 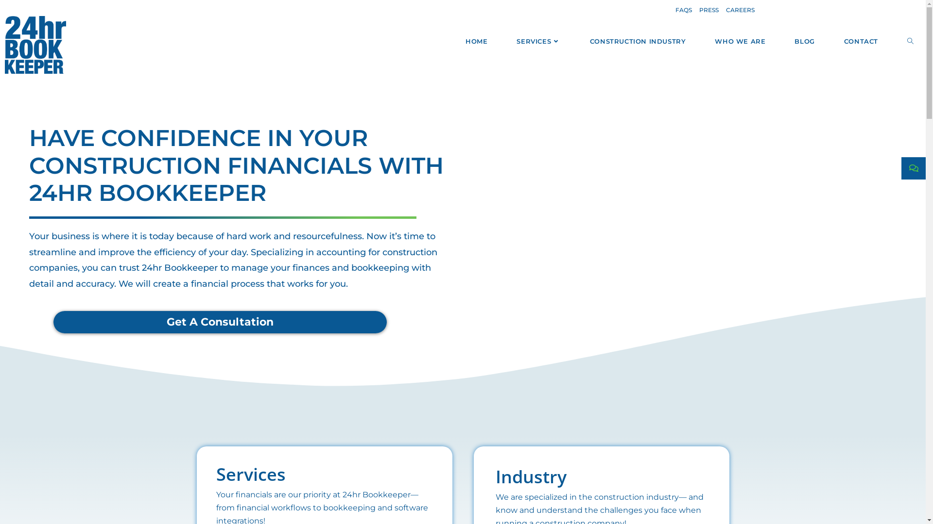 What do you see at coordinates (538, 40) in the screenshot?
I see `'SERVICES'` at bounding box center [538, 40].